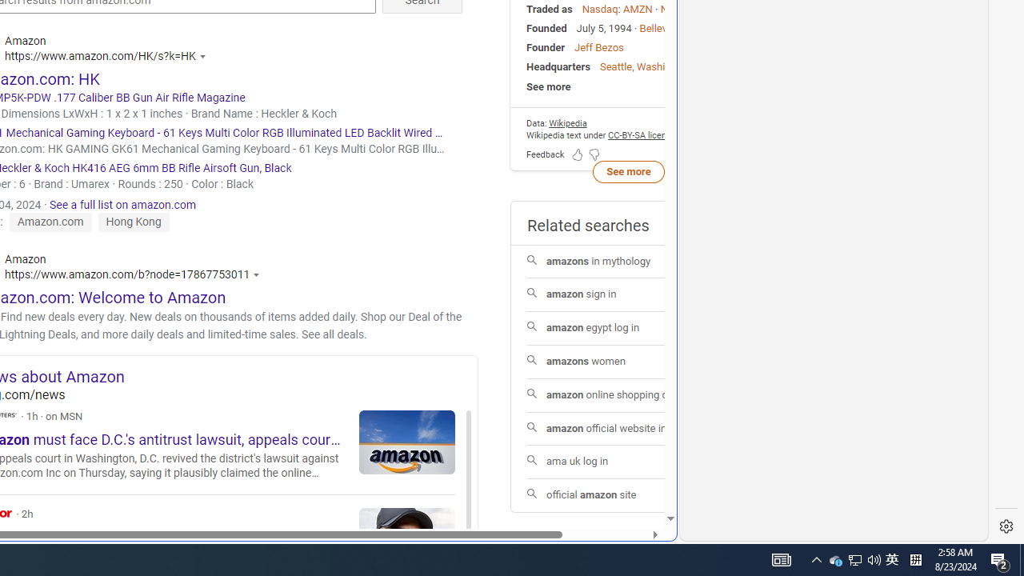  I want to click on 'Feedback Dislike', so click(594, 154).